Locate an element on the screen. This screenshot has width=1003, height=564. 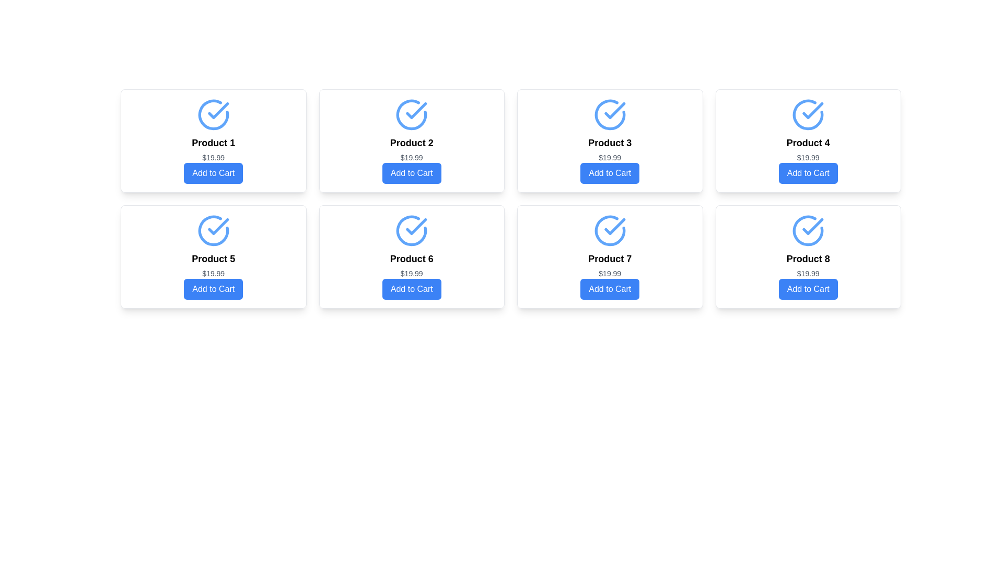
the circular blue checkmark icon at the top of the 'Product 8' card, which is centrally aligned and above the product name and price is located at coordinates (808, 230).